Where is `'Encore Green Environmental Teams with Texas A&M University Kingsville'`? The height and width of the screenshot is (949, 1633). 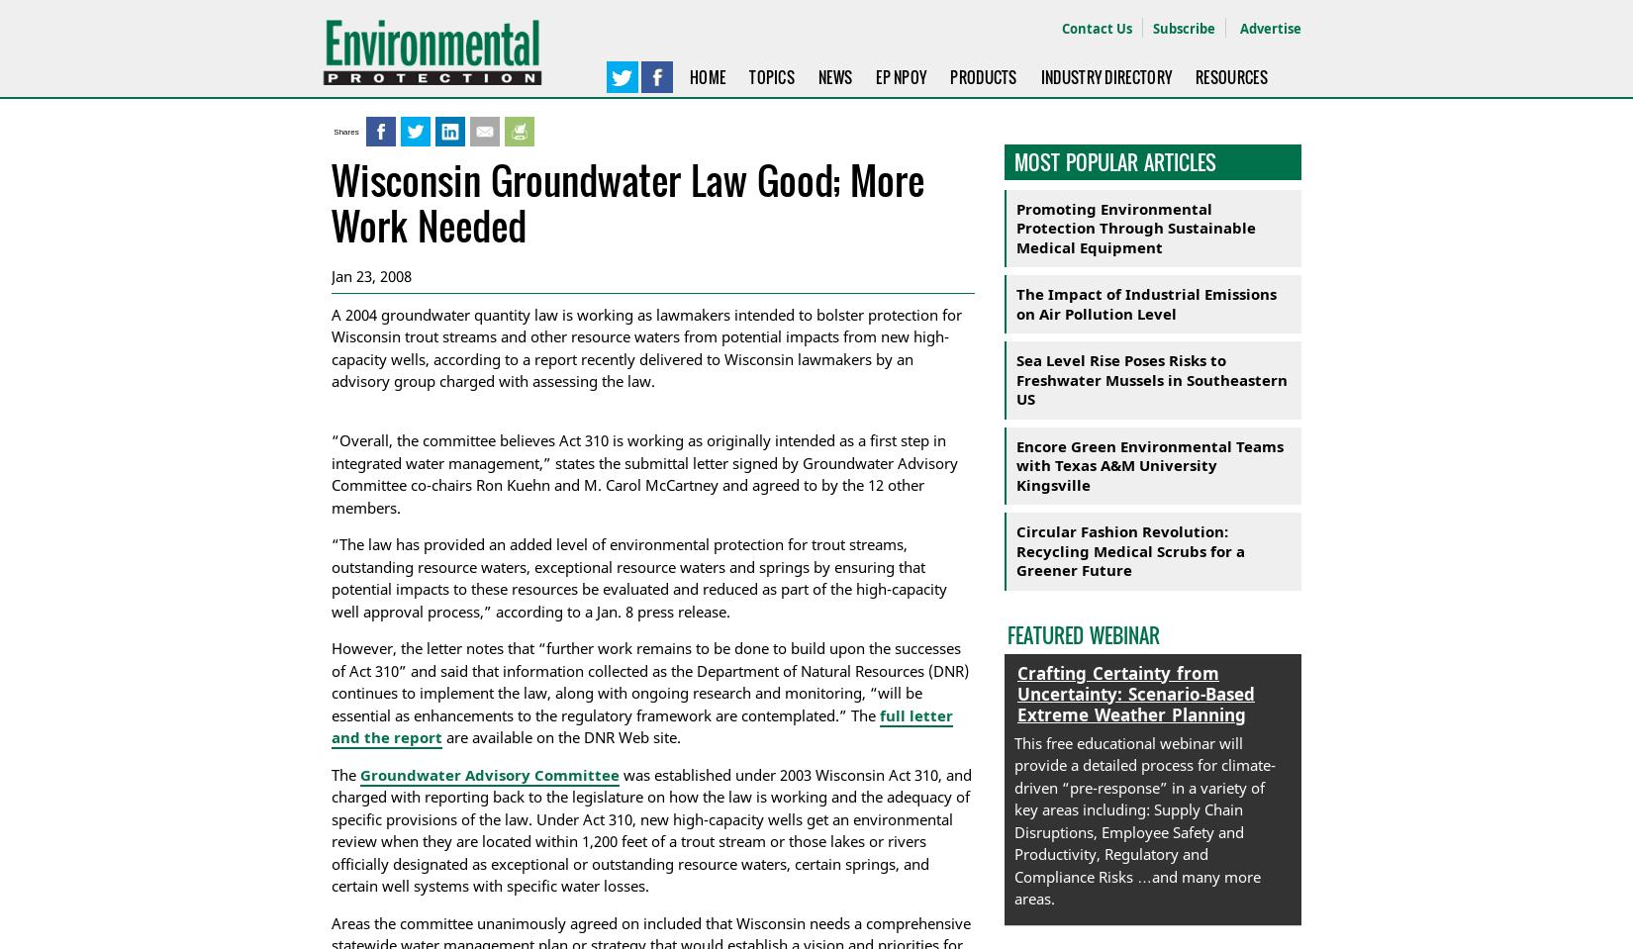
'Encore Green Environmental Teams with Texas A&M University Kingsville' is located at coordinates (1149, 463).